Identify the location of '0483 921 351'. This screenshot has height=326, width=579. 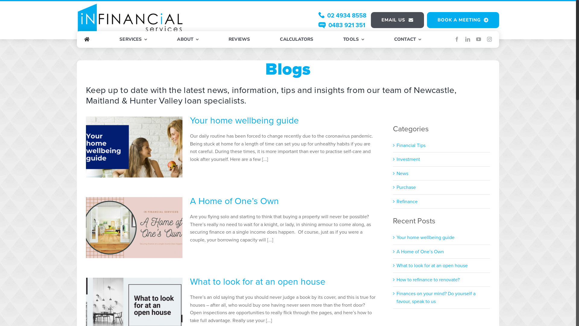
(342, 25).